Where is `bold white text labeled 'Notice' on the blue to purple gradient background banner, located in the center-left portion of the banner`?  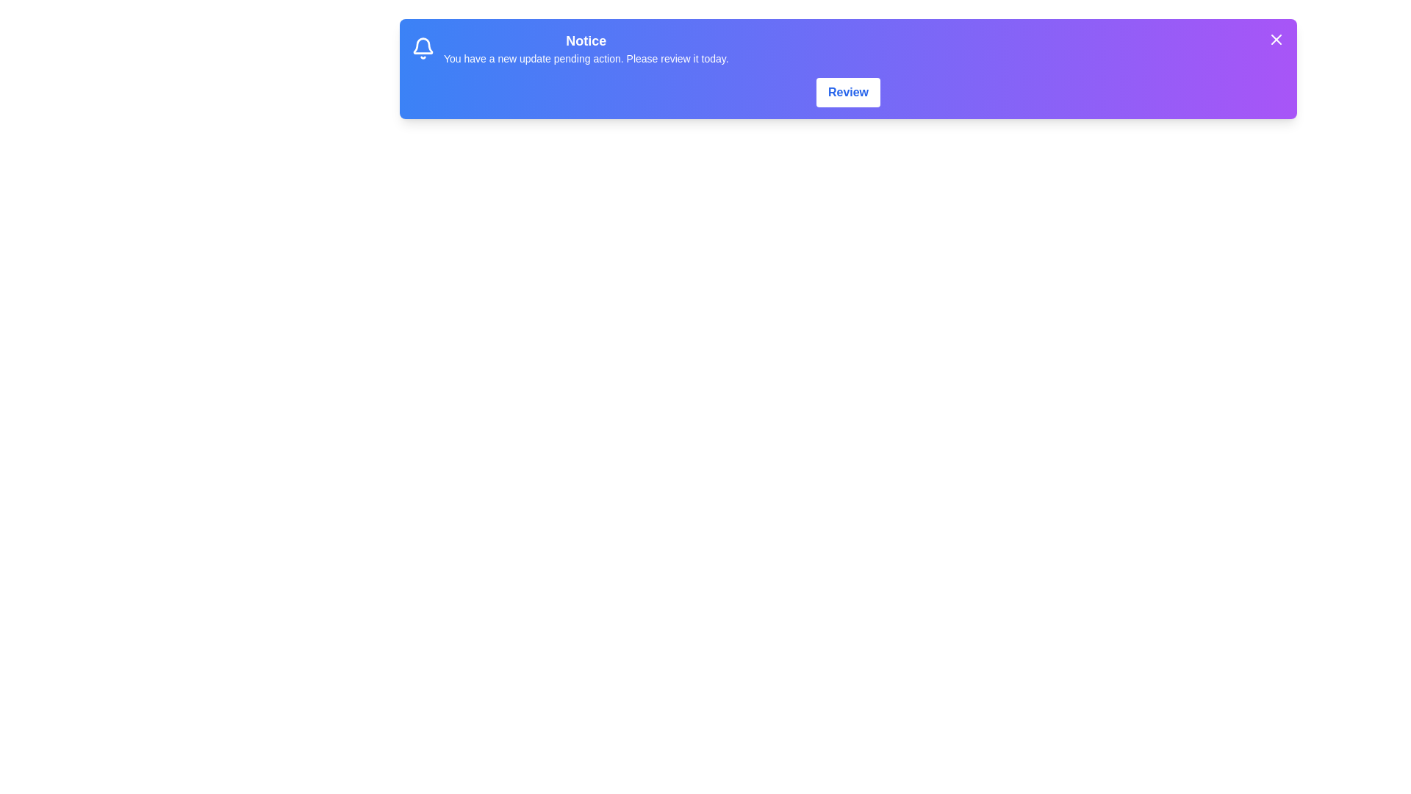 bold white text labeled 'Notice' on the blue to purple gradient background banner, located in the center-left portion of the banner is located at coordinates (585, 40).